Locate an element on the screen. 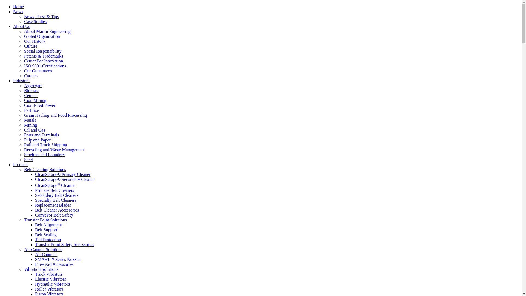 Image resolution: width=526 pixels, height=296 pixels. 'Smelters and Foundries' is located at coordinates (24, 155).